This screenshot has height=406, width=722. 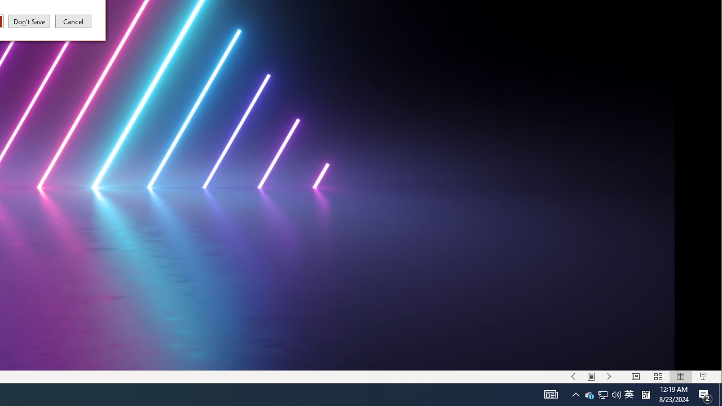 What do you see at coordinates (602, 394) in the screenshot?
I see `'Menu On'` at bounding box center [602, 394].